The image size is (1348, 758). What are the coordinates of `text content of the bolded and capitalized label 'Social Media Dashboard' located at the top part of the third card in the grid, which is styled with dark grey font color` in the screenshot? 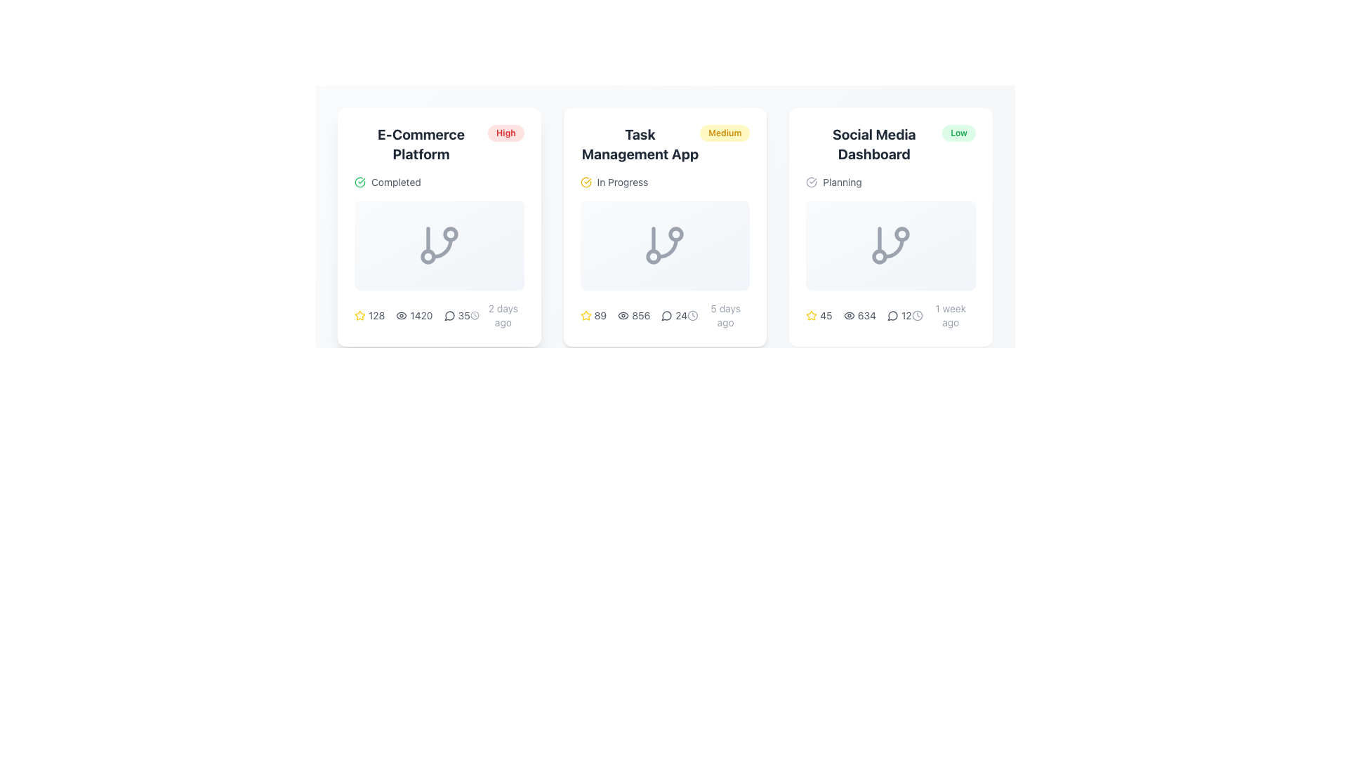 It's located at (873, 144).